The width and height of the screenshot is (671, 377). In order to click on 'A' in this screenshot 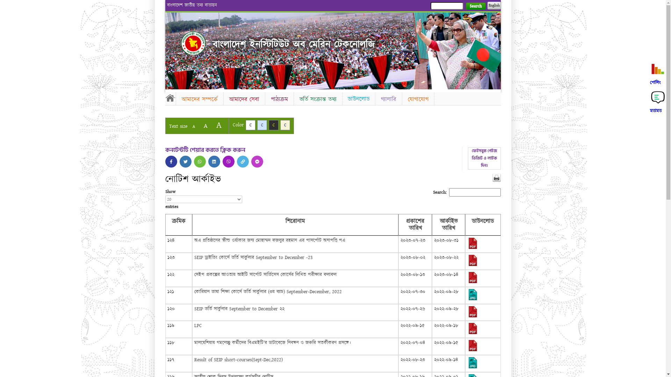, I will do `click(212, 125)`.